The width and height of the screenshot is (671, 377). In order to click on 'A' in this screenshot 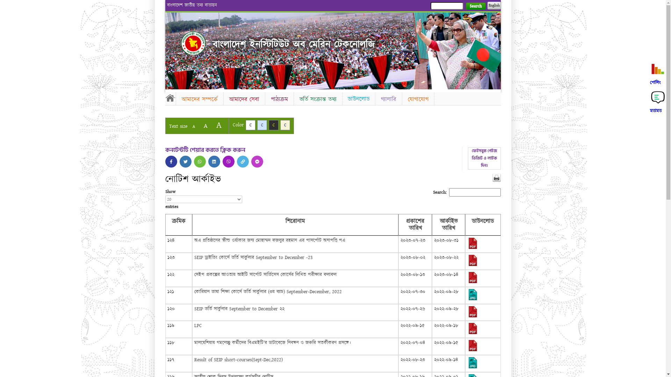, I will do `click(212, 125)`.